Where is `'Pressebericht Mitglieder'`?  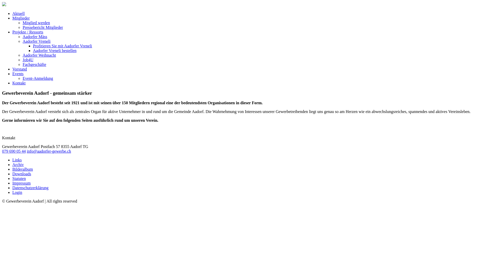
'Pressebericht Mitglieder' is located at coordinates (43, 27).